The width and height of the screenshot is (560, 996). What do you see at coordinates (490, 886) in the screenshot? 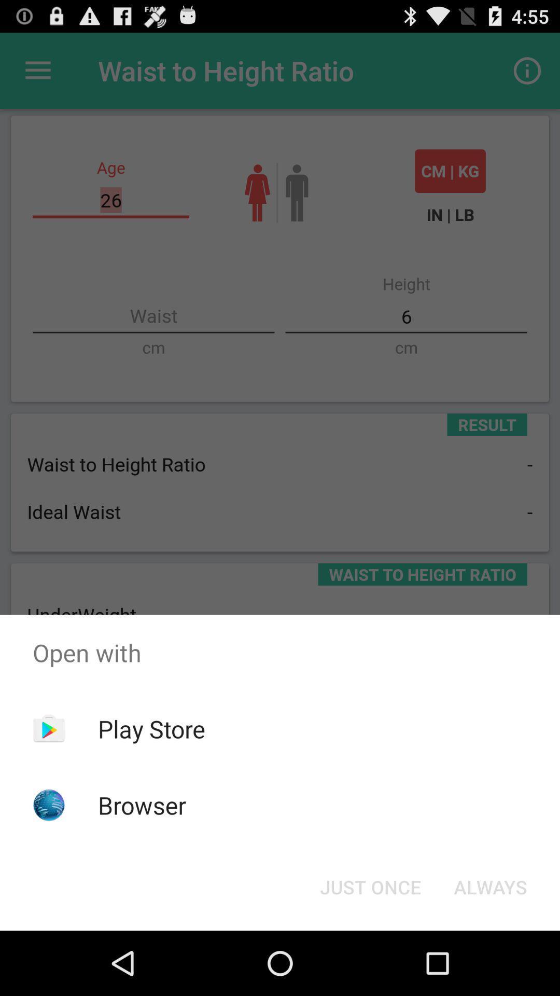
I see `the always` at bounding box center [490, 886].